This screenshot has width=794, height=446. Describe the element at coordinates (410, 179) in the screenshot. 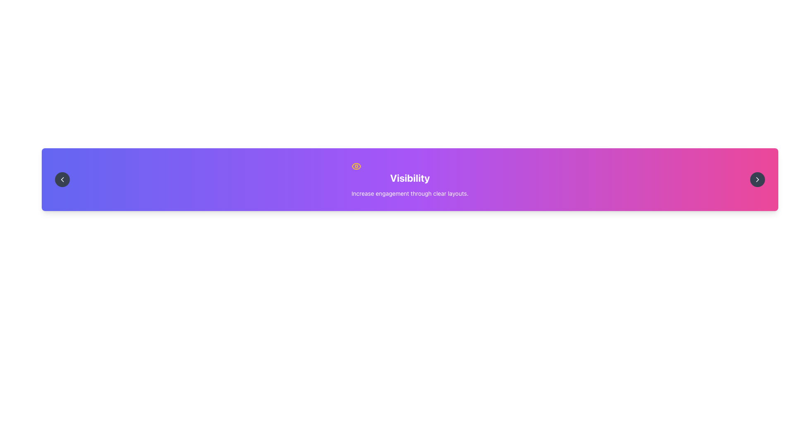

I see `the text block displaying 'Visibility' which is styled with bold, white font and located centrally within a gradient background` at that location.